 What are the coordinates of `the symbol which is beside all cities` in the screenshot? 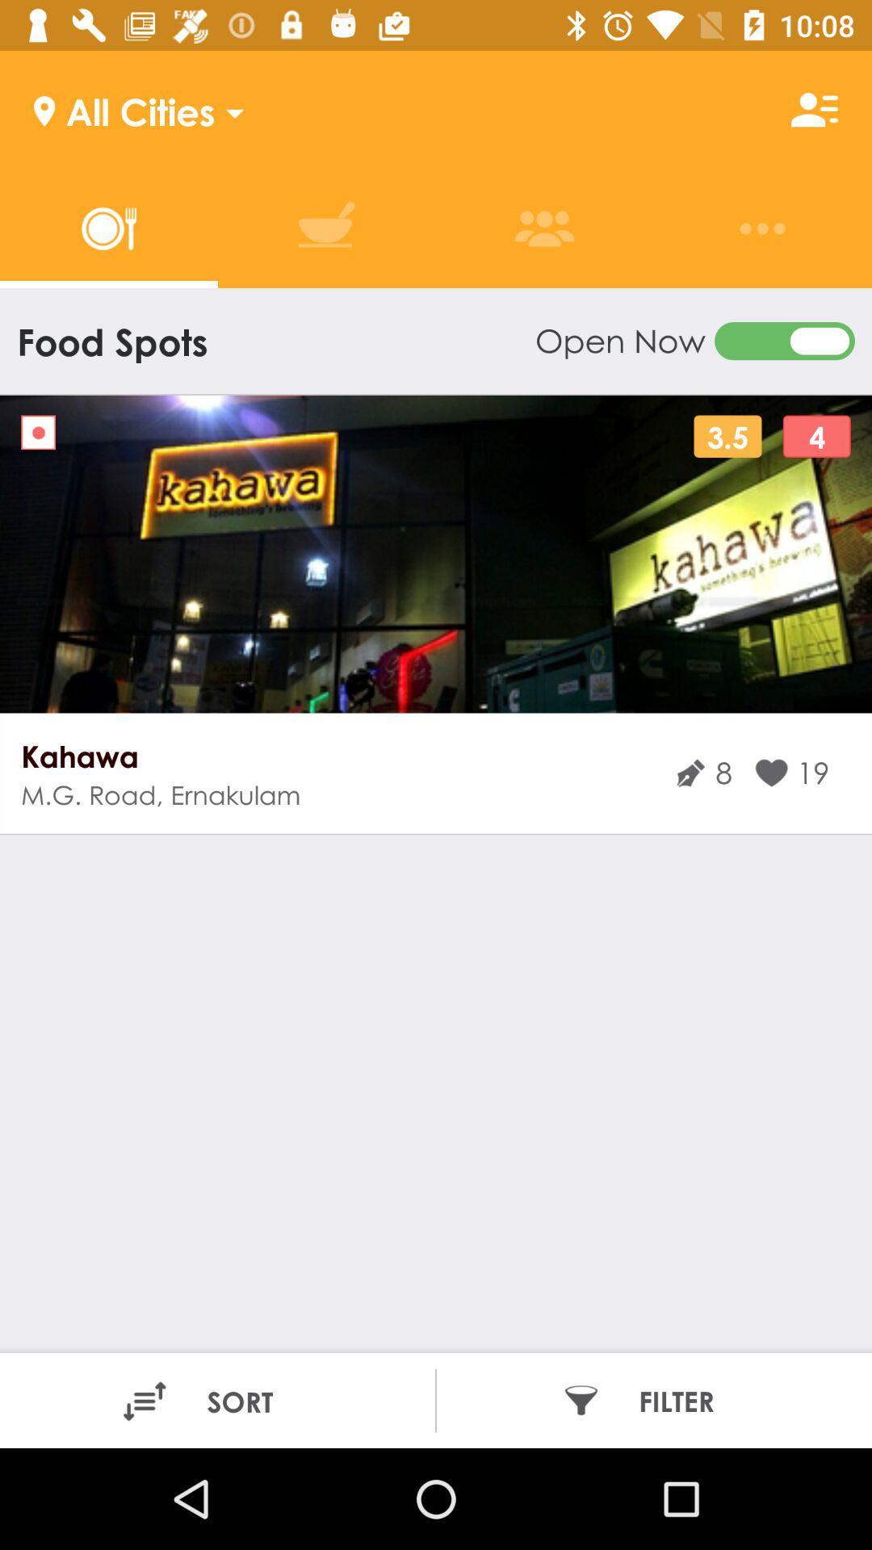 It's located at (815, 110).